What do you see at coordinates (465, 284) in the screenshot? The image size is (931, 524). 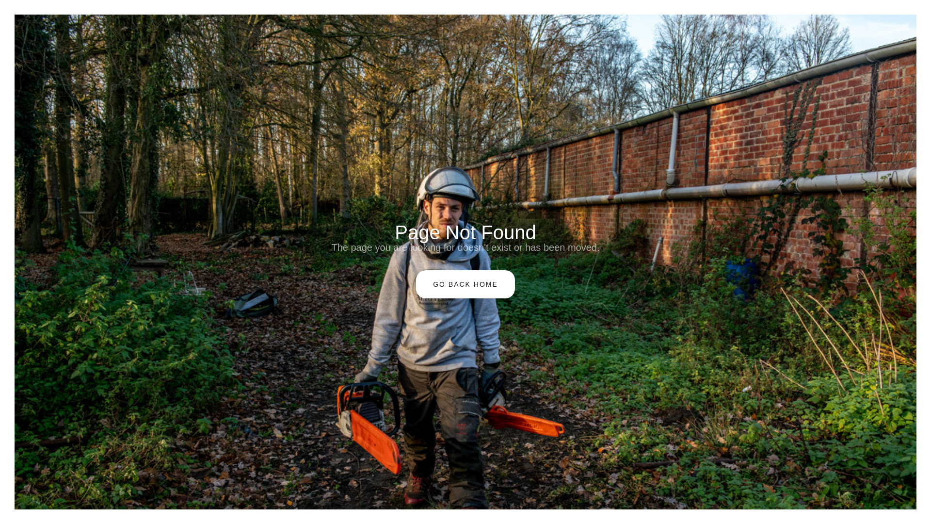 I see `'GO BACK HOME'` at bounding box center [465, 284].